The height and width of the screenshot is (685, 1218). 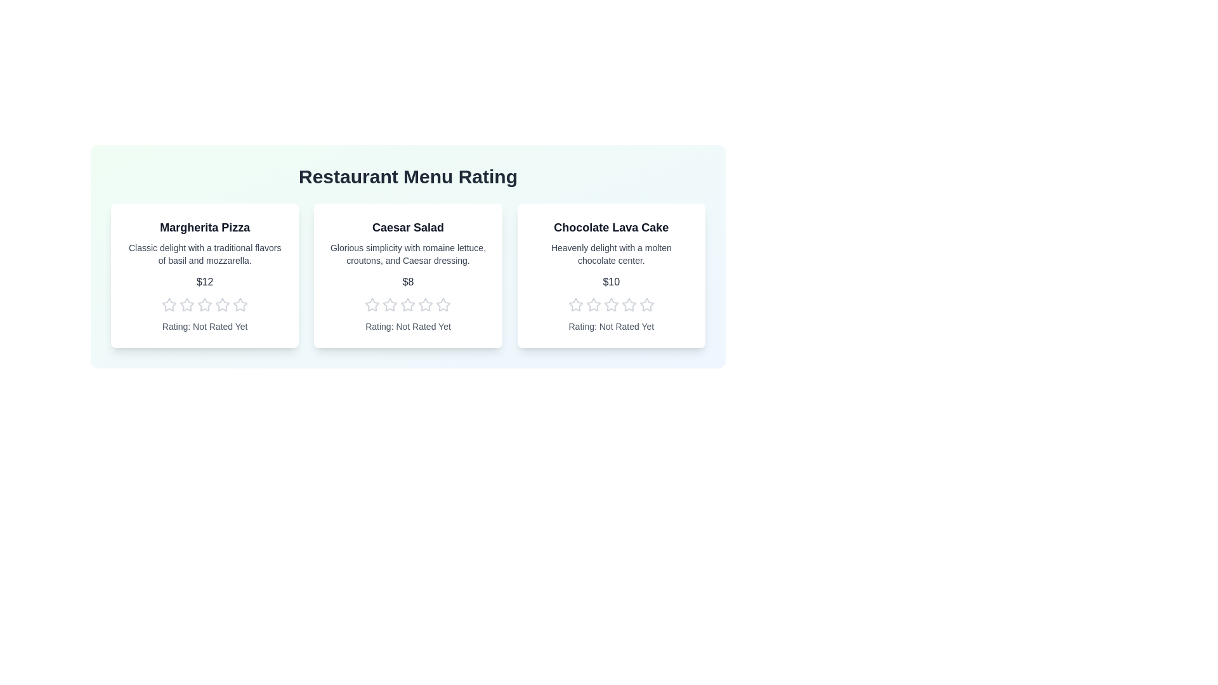 What do you see at coordinates (408, 305) in the screenshot?
I see `the star corresponding to the desired rating 3 for the menu item Caesar Salad` at bounding box center [408, 305].